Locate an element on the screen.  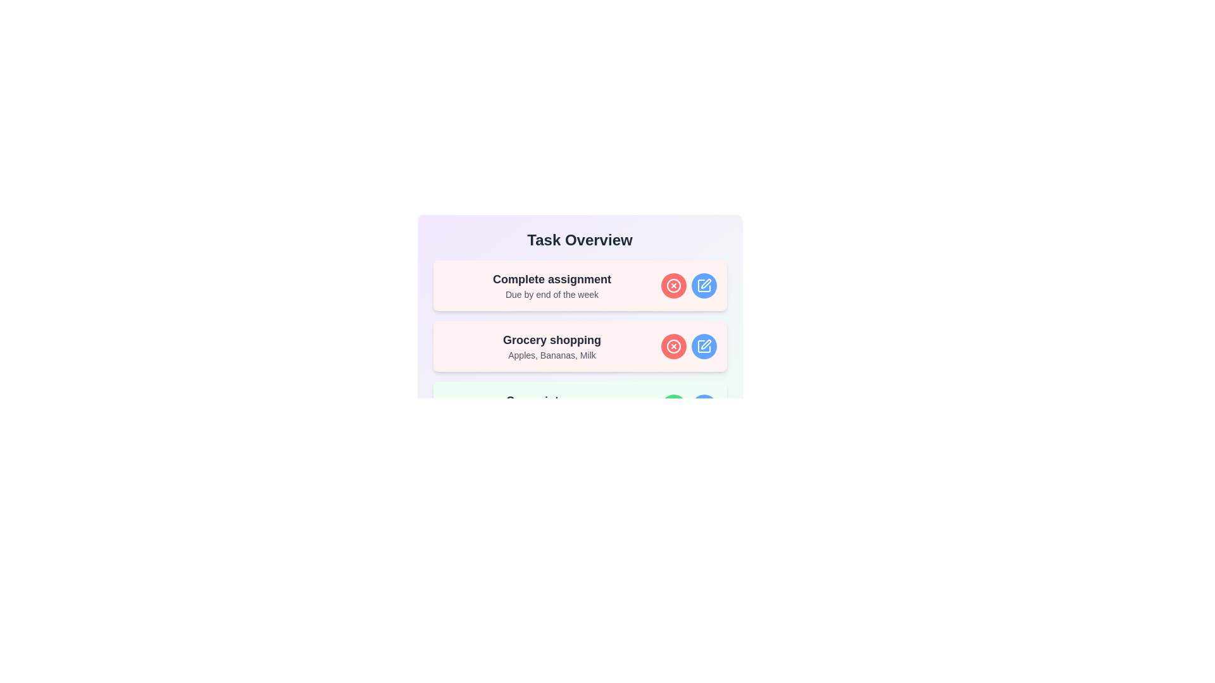
the edit button for the task 'Complete assignment' is located at coordinates (703, 285).